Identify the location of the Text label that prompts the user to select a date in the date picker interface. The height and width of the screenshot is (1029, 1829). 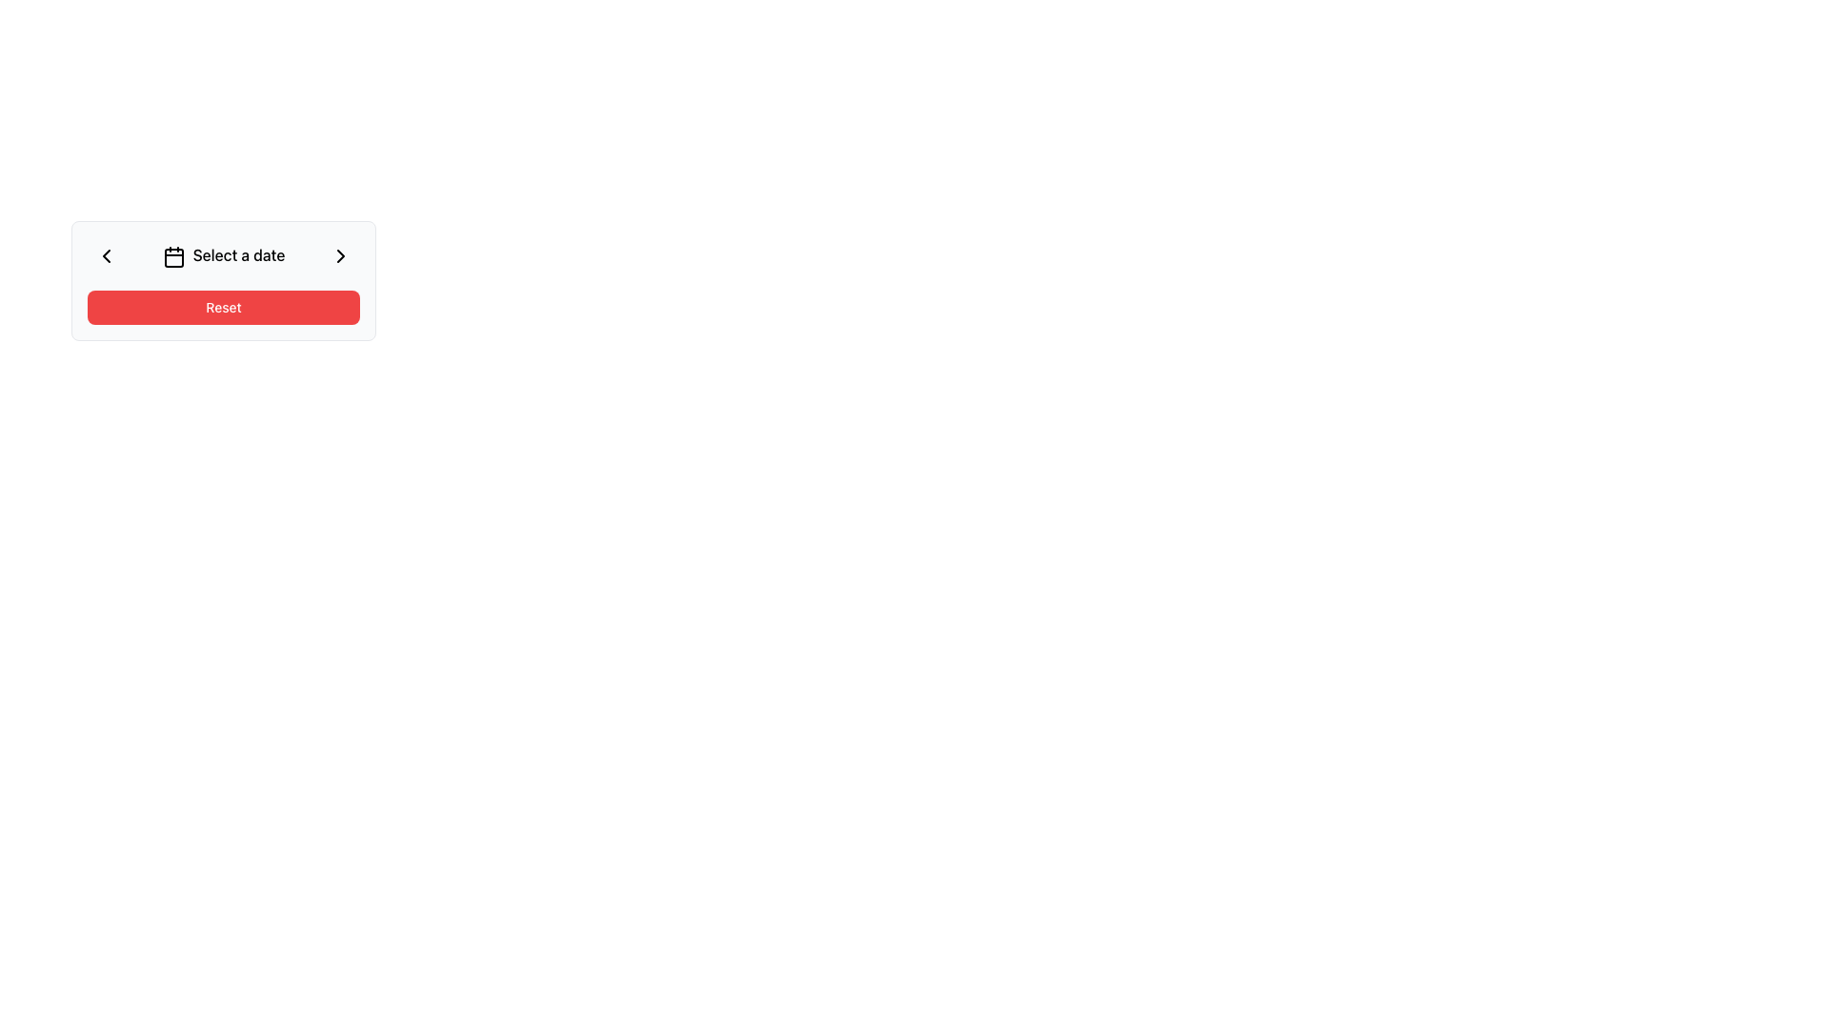
(237, 254).